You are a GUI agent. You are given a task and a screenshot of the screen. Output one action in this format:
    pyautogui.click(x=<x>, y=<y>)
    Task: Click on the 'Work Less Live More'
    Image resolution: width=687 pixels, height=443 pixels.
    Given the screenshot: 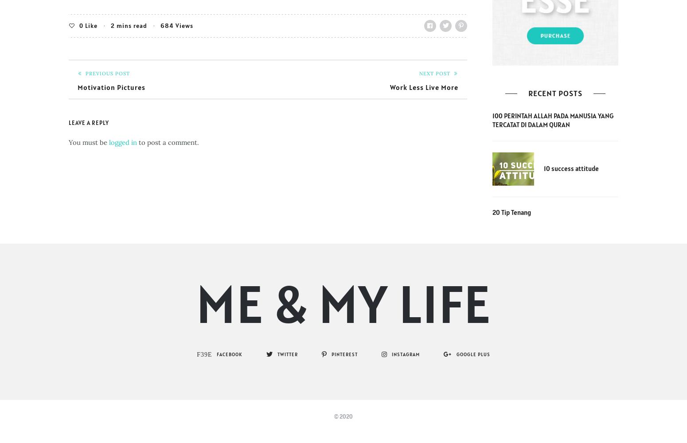 What is the action you would take?
    pyautogui.click(x=423, y=86)
    